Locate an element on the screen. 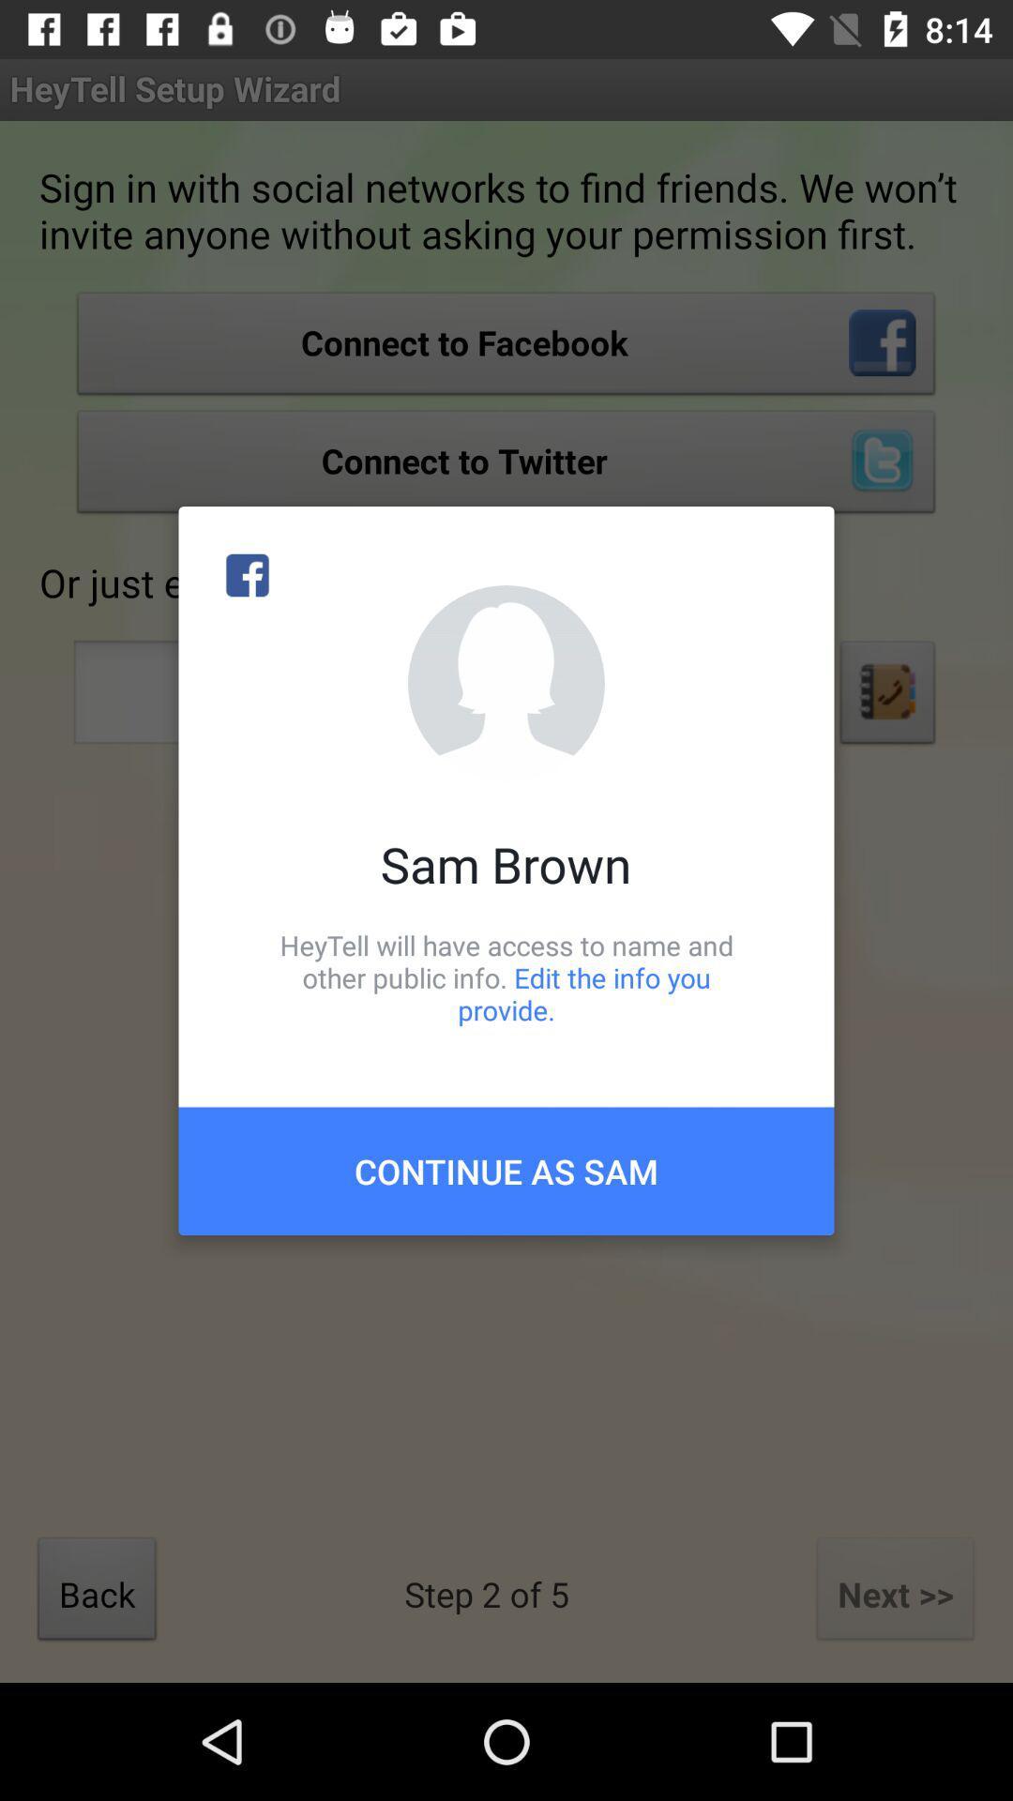 This screenshot has width=1013, height=1801. icon below the sam brown icon is located at coordinates (506, 976).